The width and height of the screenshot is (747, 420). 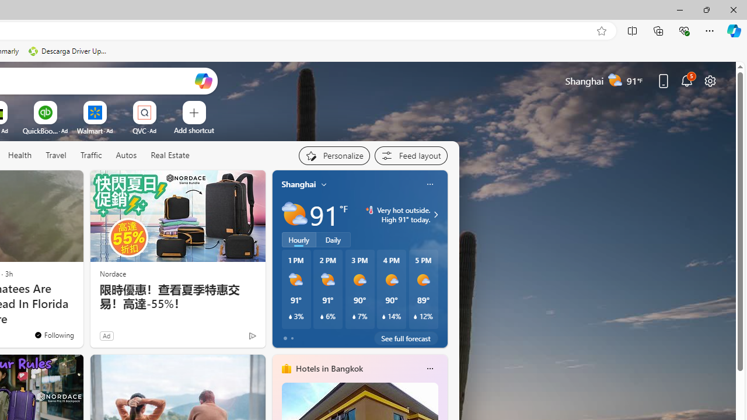 I want to click on 'Class: icon-img', so click(x=429, y=369).